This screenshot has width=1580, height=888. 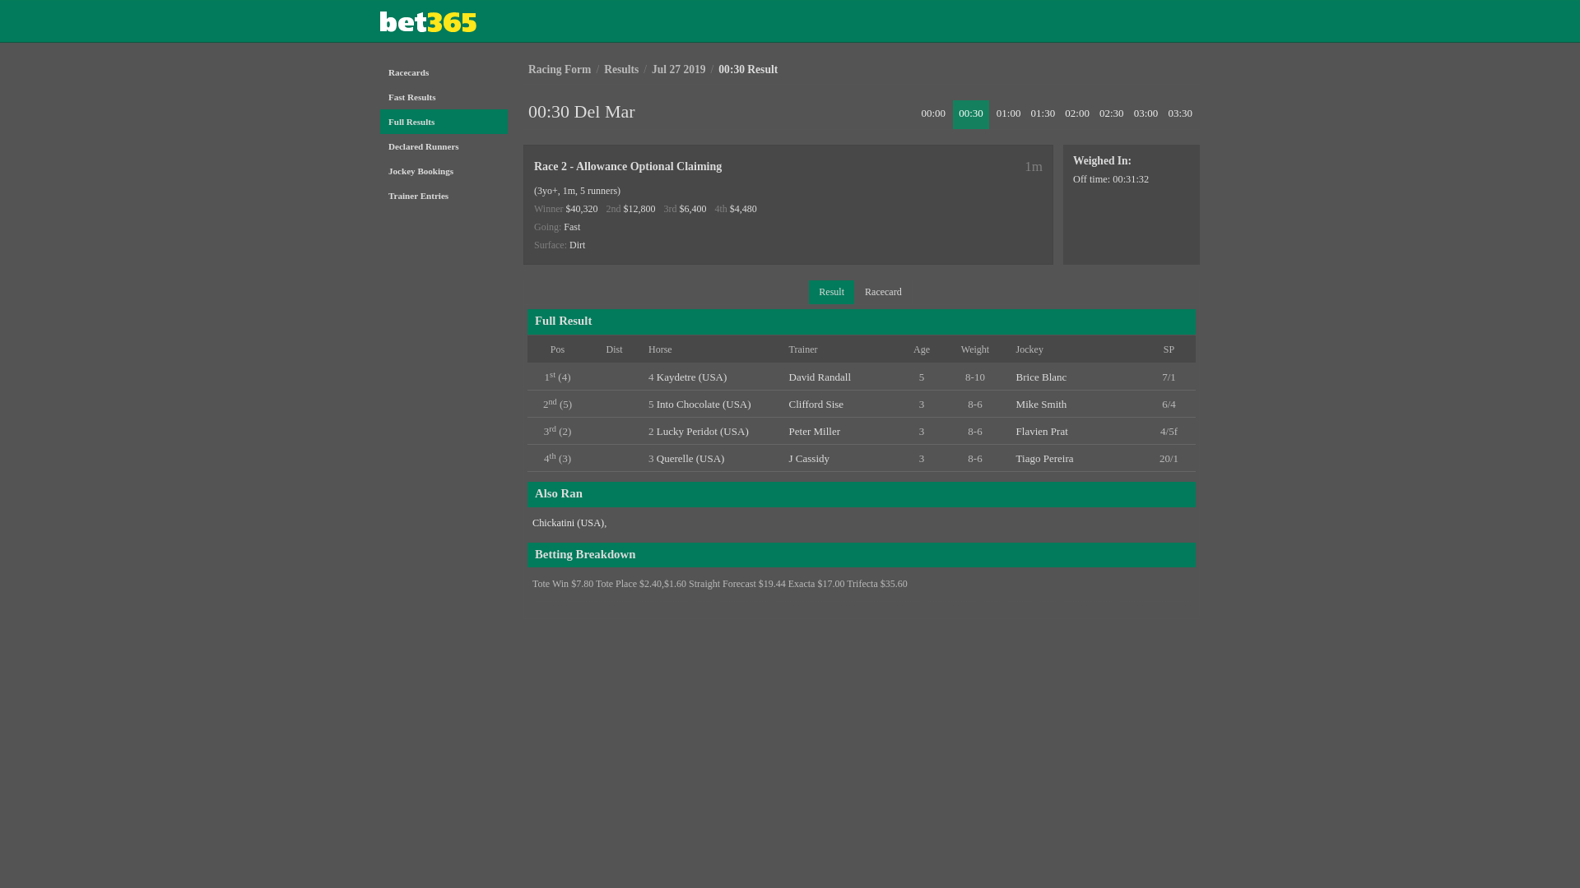 What do you see at coordinates (816, 404) in the screenshot?
I see `'Clifford Sise'` at bounding box center [816, 404].